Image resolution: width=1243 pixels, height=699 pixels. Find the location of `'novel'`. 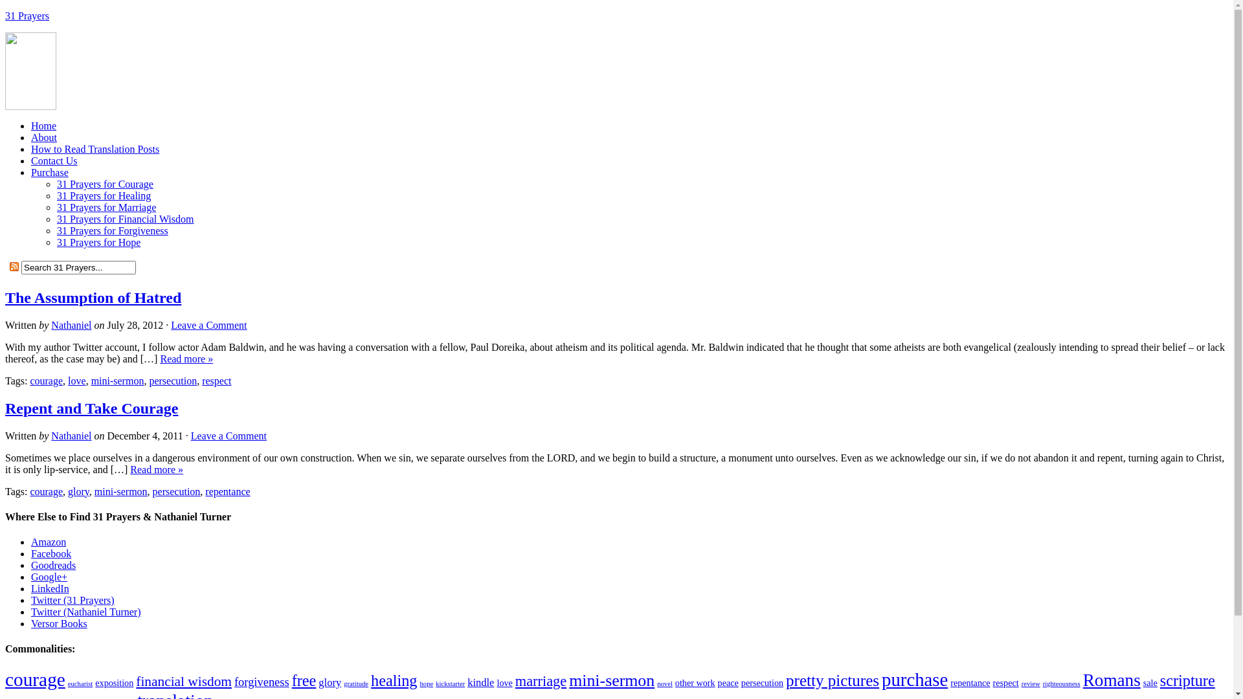

'novel' is located at coordinates (665, 683).